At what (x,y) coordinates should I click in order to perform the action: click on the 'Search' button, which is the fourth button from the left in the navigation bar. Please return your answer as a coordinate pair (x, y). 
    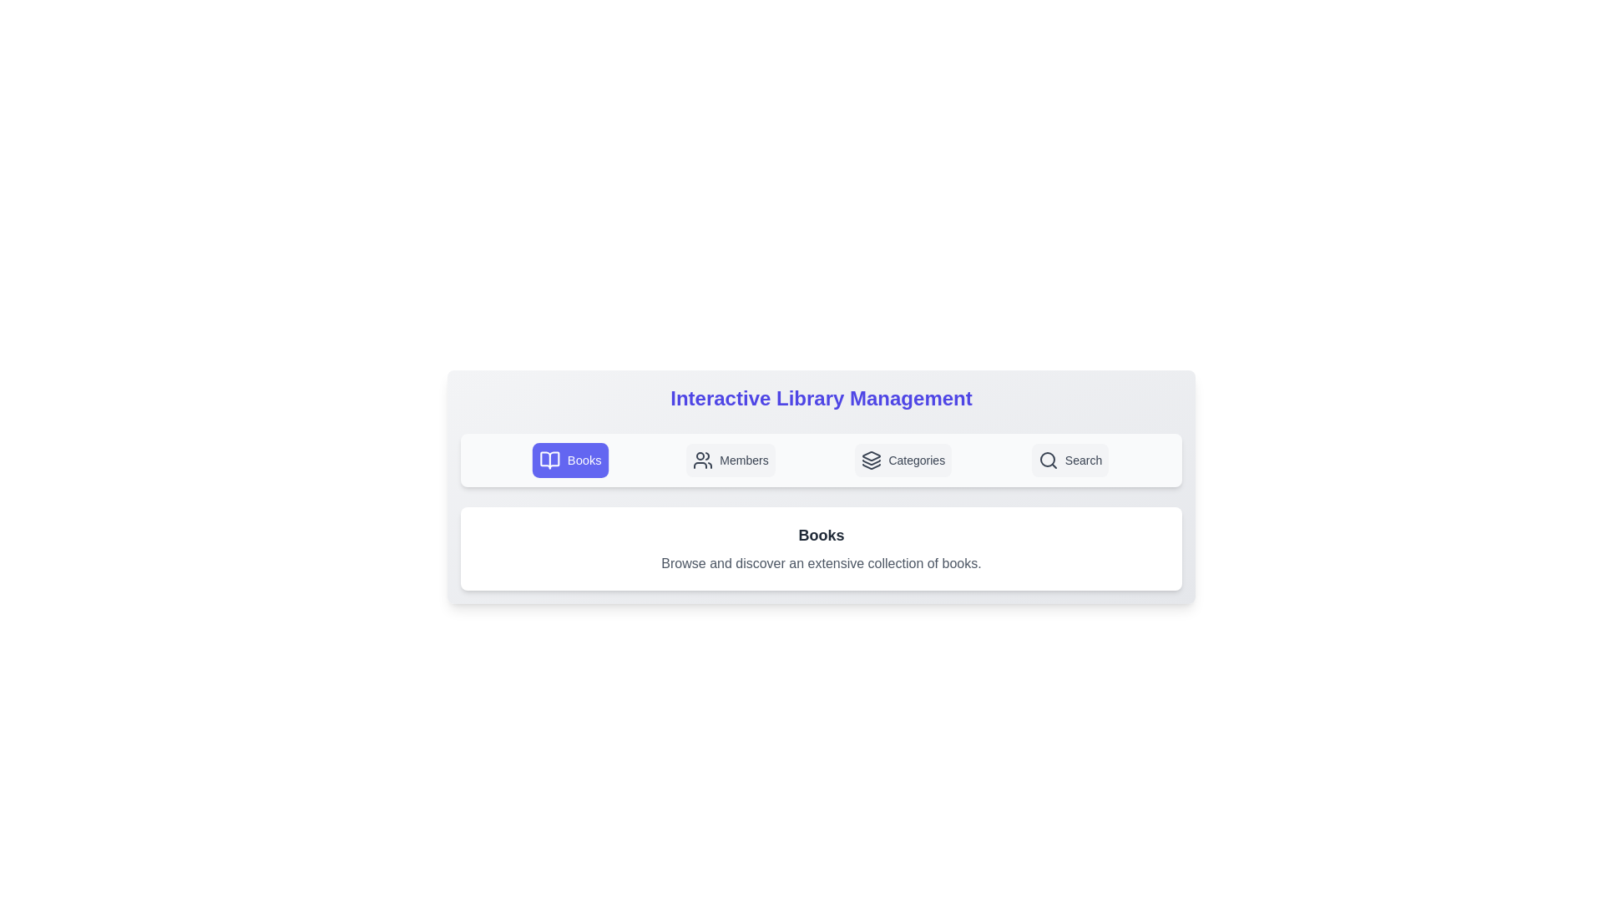
    Looking at the image, I should click on (1070, 460).